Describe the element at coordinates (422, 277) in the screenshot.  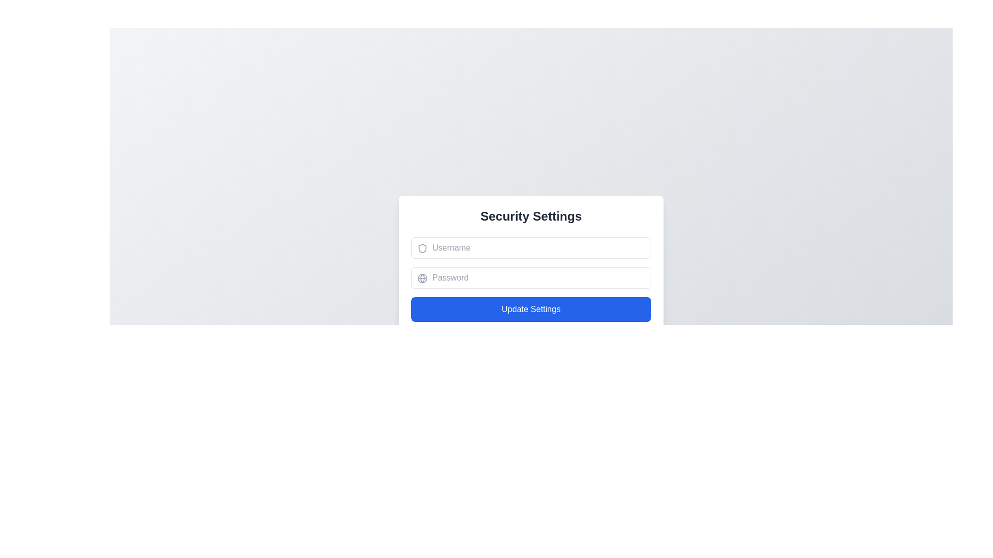
I see `the central circular graphical icon element within the globe-like SVG icon located next to the 'Password' input field in the 'Security Settings' section` at that location.